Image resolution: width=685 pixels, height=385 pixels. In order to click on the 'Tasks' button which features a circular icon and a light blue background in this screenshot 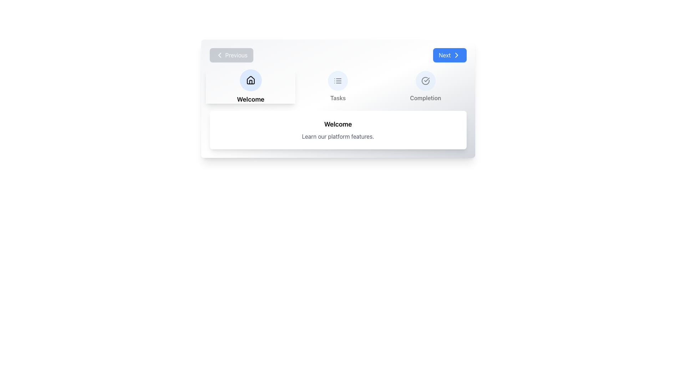, I will do `click(338, 86)`.